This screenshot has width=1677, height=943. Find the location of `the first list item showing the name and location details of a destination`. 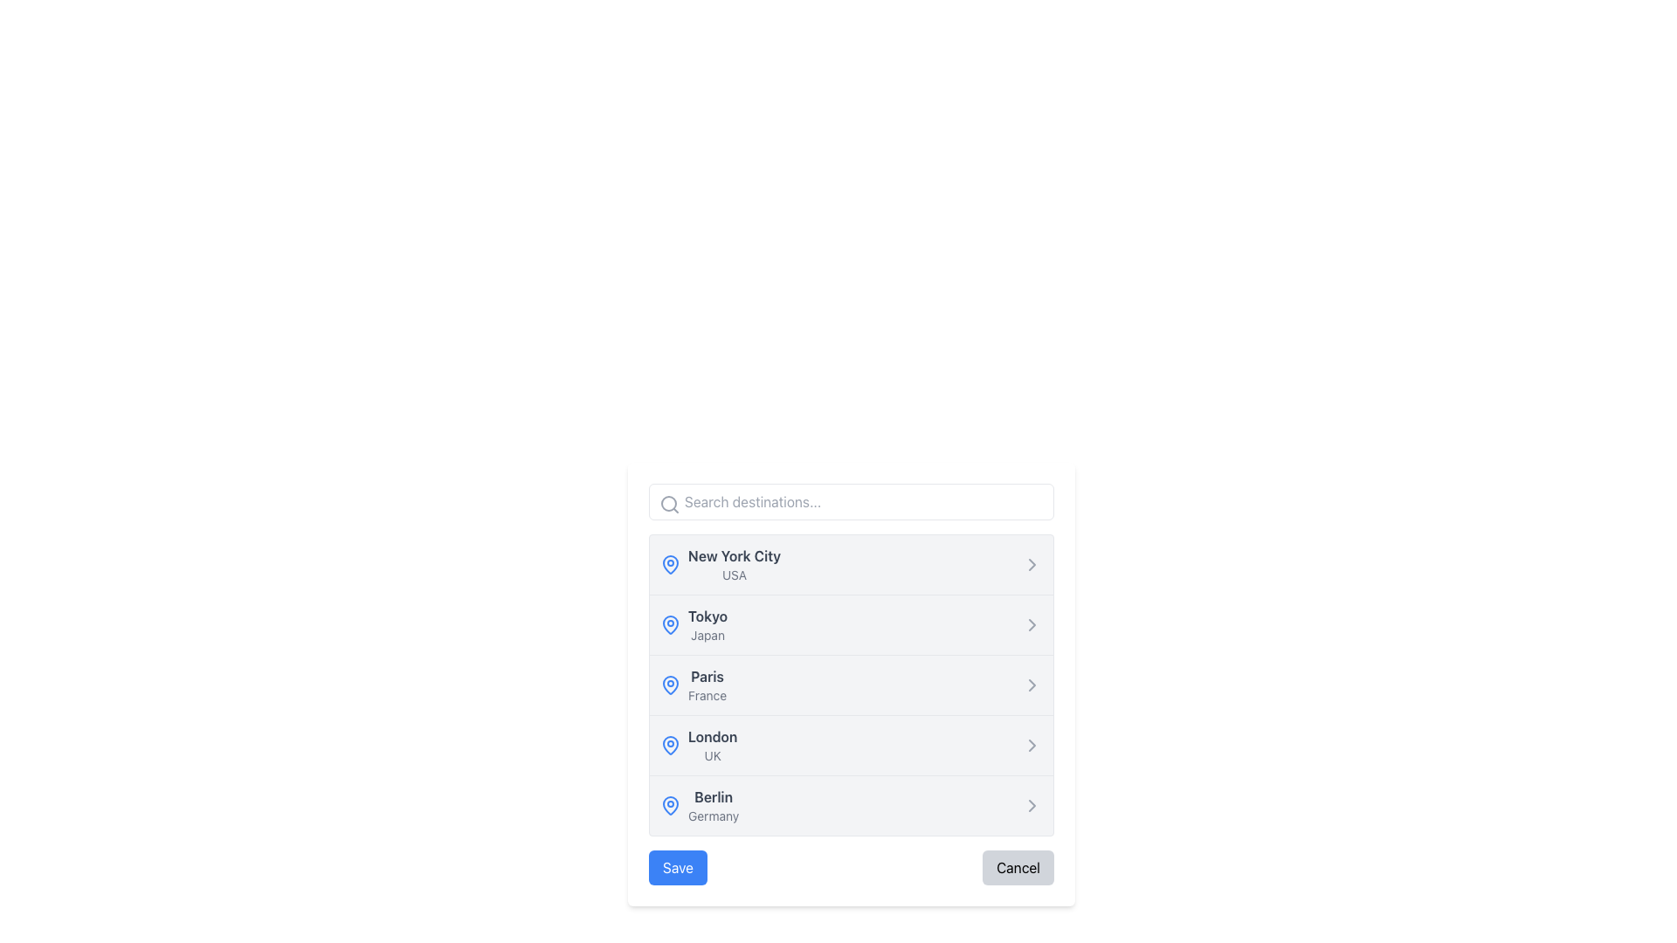

the first list item showing the name and location details of a destination is located at coordinates (735, 565).